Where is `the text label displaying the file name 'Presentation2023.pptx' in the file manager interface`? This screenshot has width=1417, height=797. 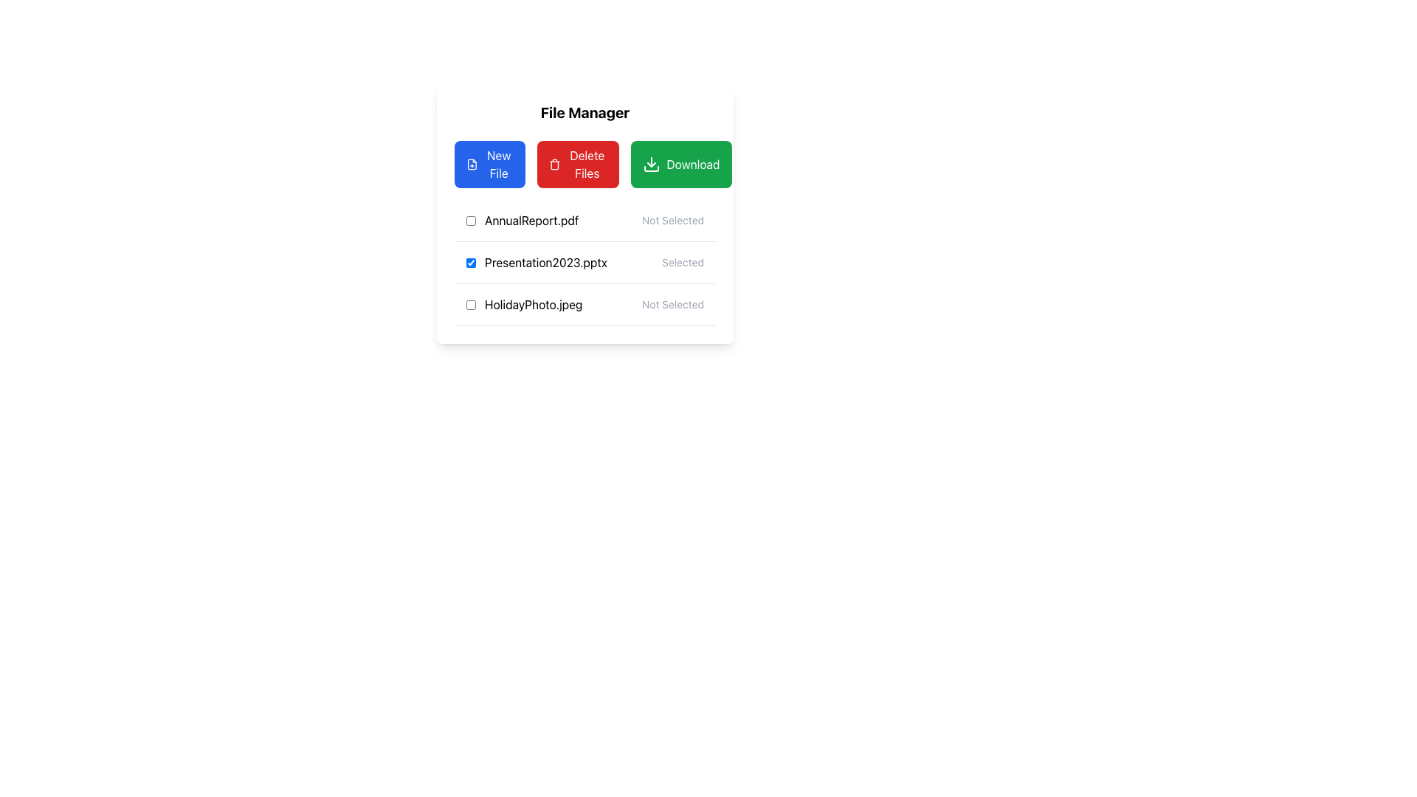 the text label displaying the file name 'Presentation2023.pptx' in the file manager interface is located at coordinates (536, 261).